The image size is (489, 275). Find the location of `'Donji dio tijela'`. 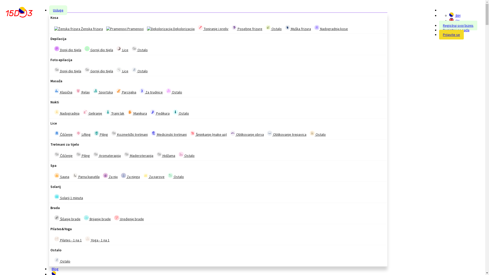

'Donji dio tijela' is located at coordinates (53, 49).